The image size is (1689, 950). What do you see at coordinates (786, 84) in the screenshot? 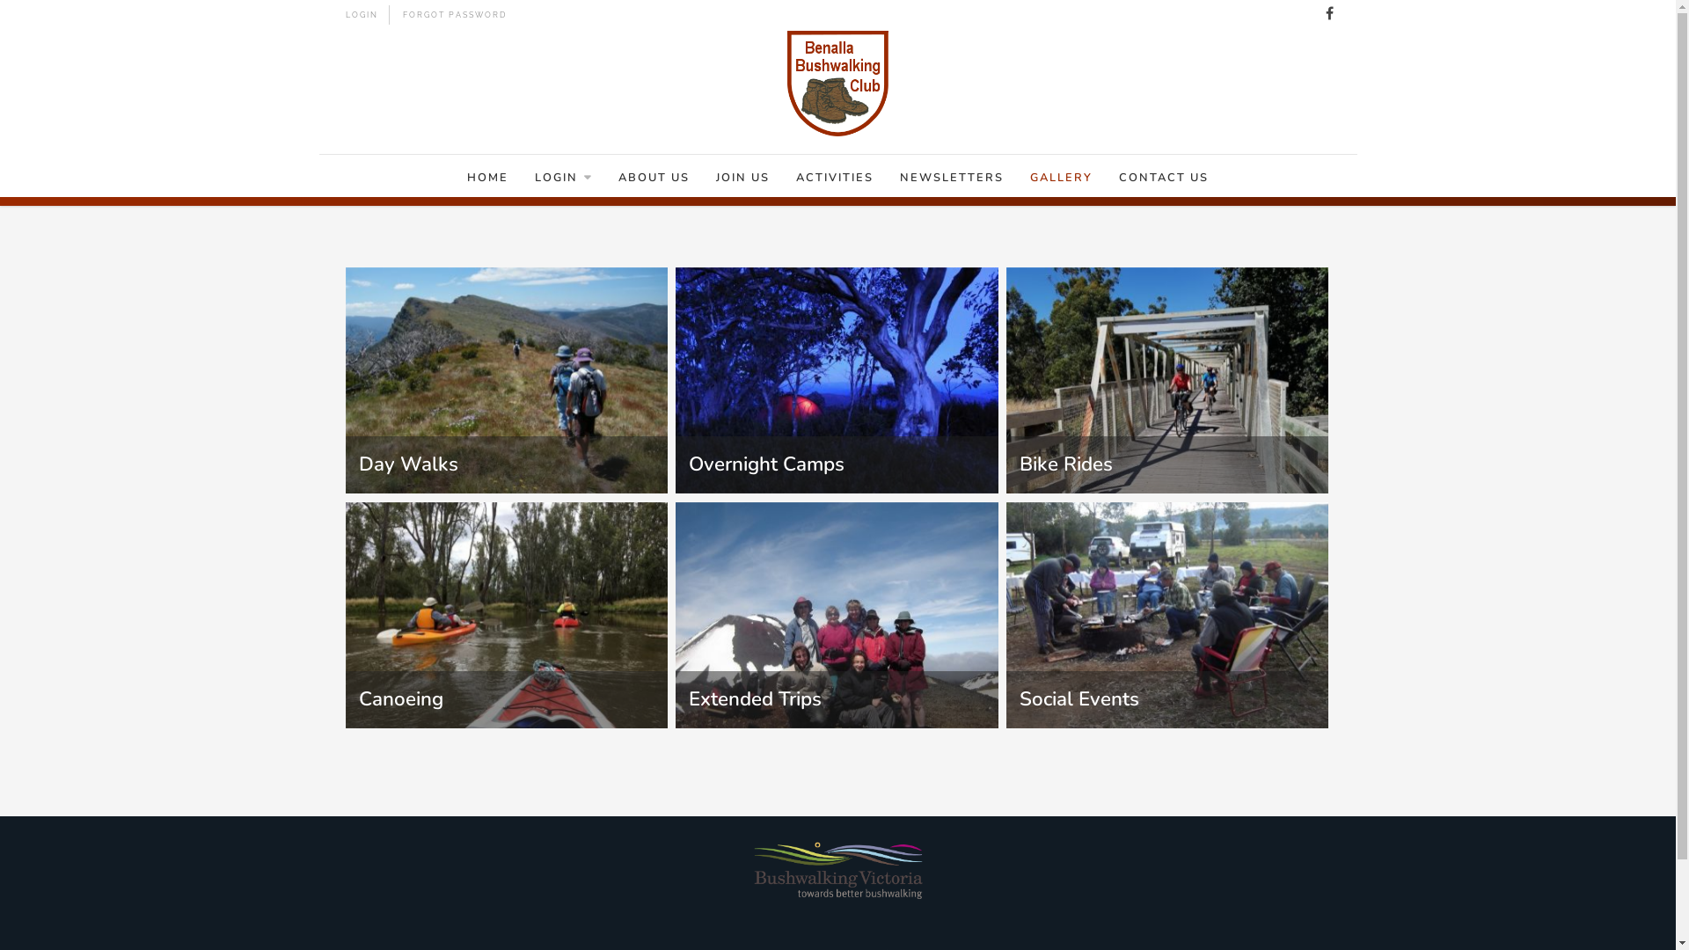
I see `'Benalla Bushwalking Club'` at bounding box center [786, 84].